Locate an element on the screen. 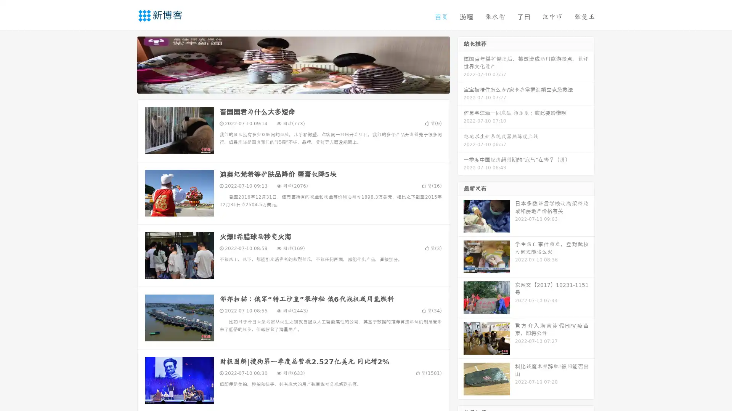 The image size is (732, 411). Go to slide 2 is located at coordinates (293, 86).